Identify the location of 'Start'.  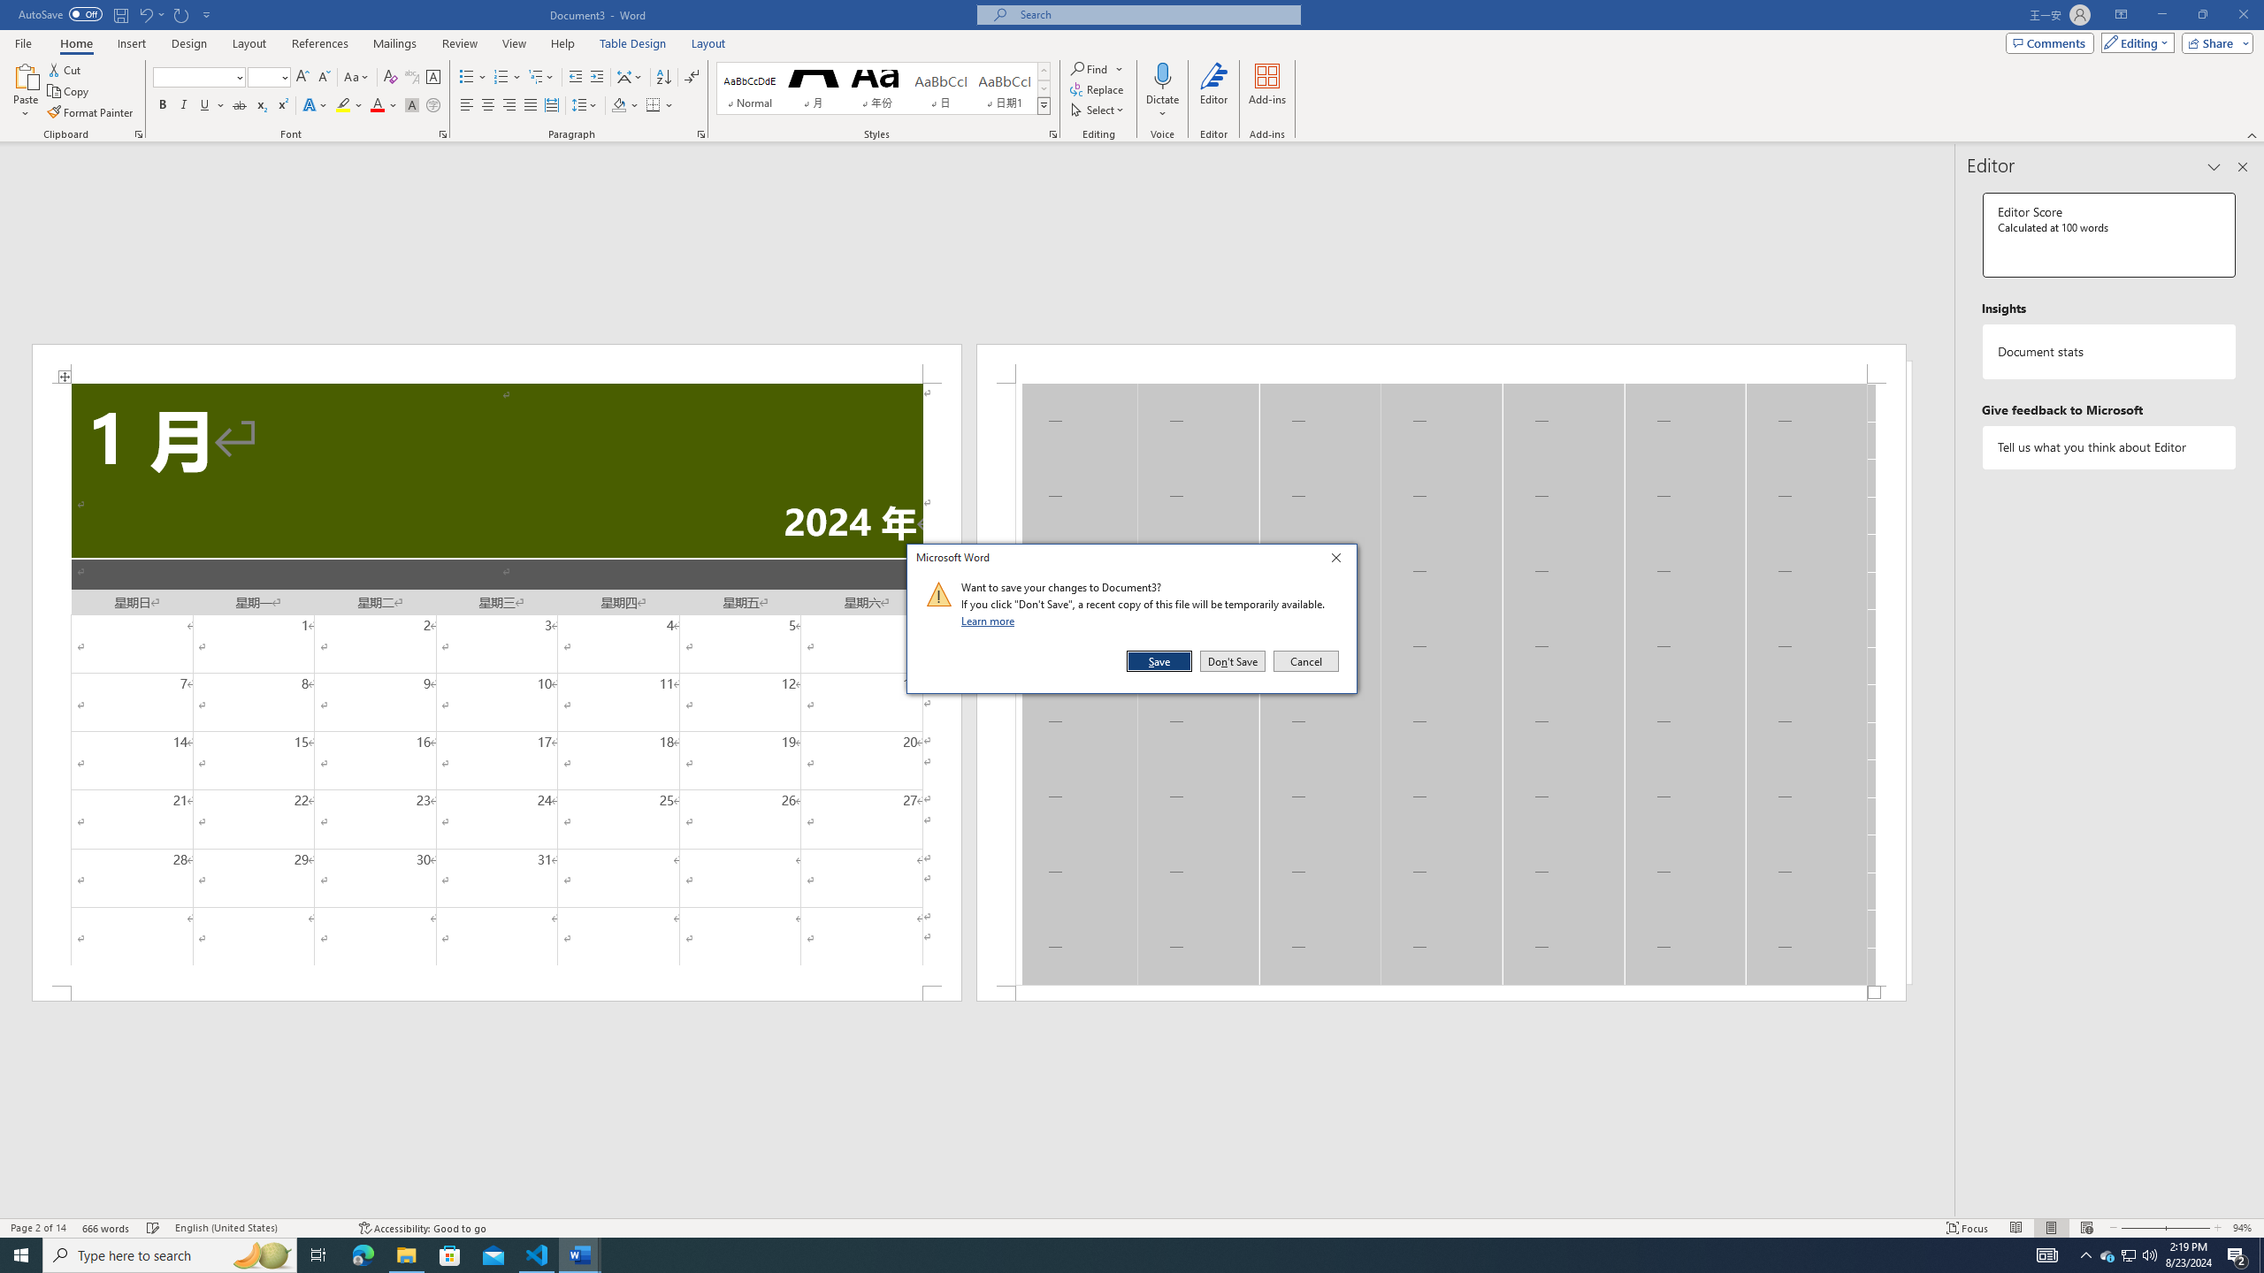
(21, 1254).